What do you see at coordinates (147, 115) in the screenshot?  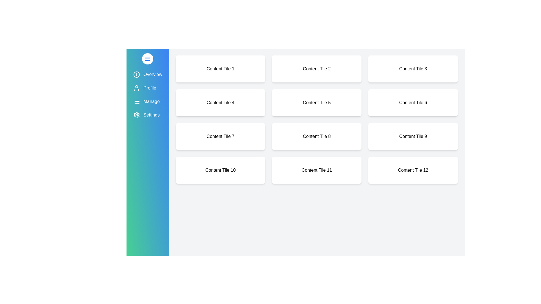 I see `the menu item Settings to highlight it` at bounding box center [147, 115].